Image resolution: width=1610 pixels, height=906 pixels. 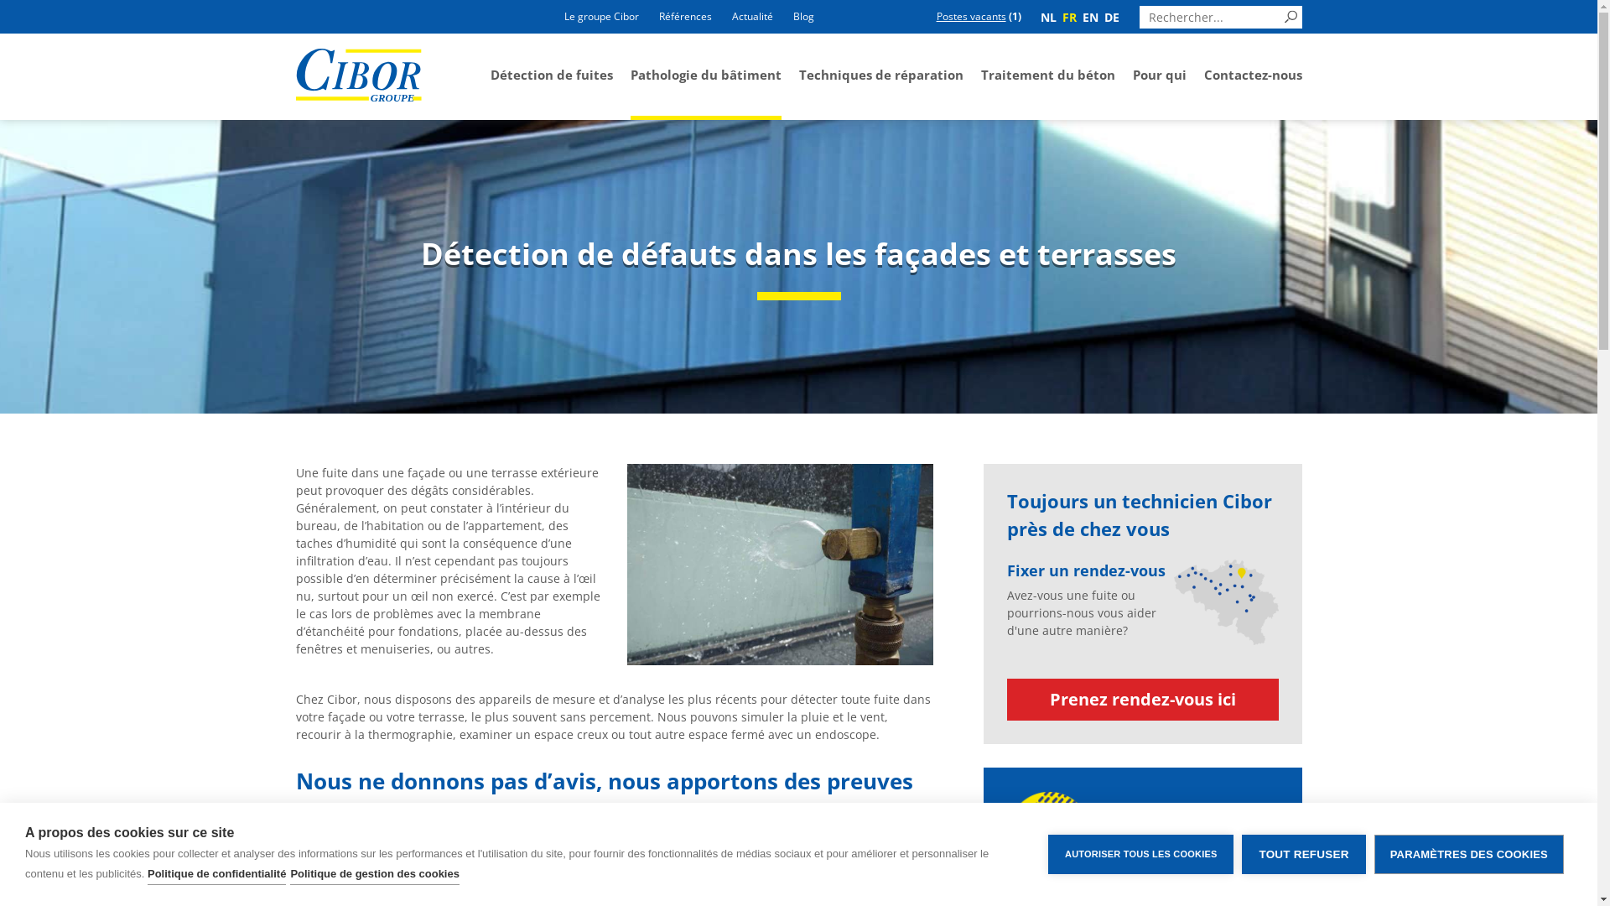 I want to click on 'Blog', so click(x=802, y=16).